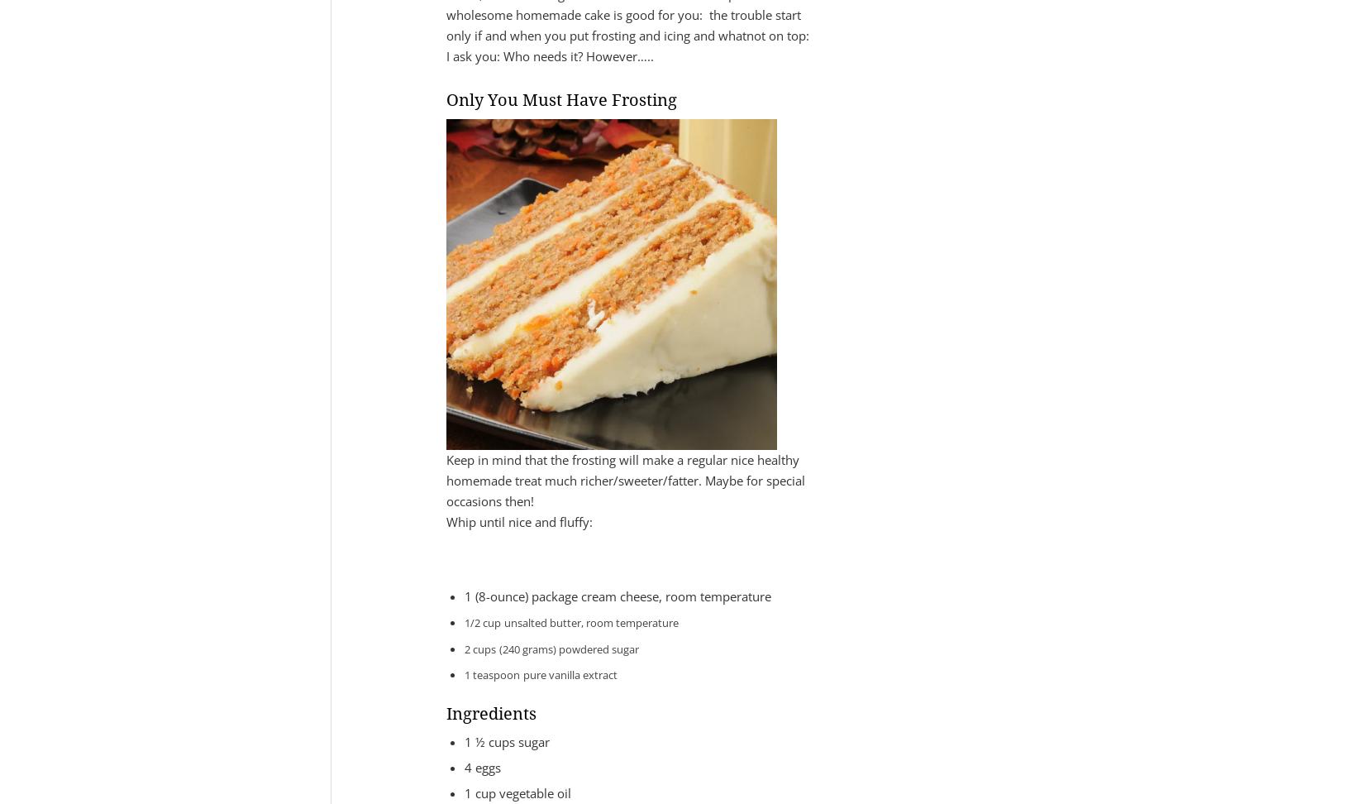 This screenshot has height=804, width=1364. I want to click on '2 cups', so click(479, 648).